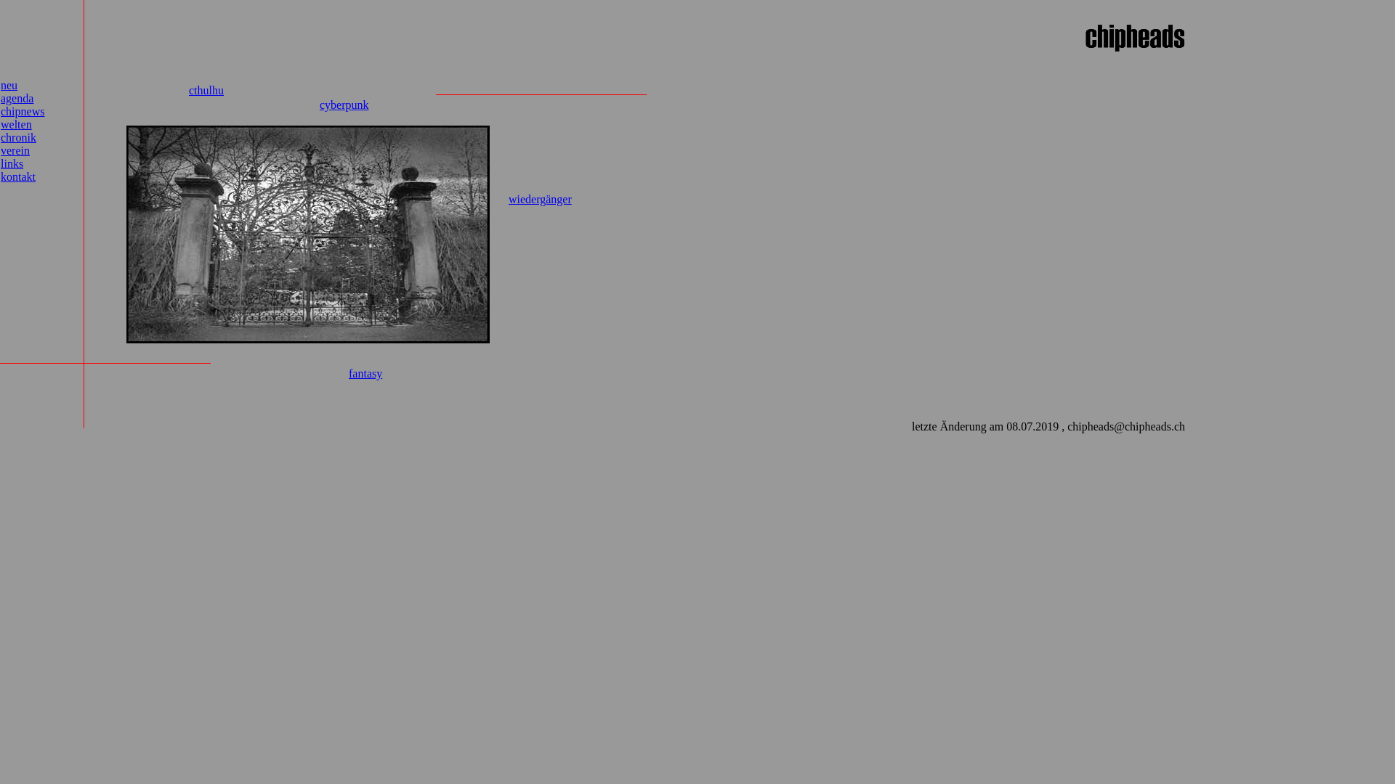  Describe the element at coordinates (0, 85) in the screenshot. I see `'neu'` at that location.